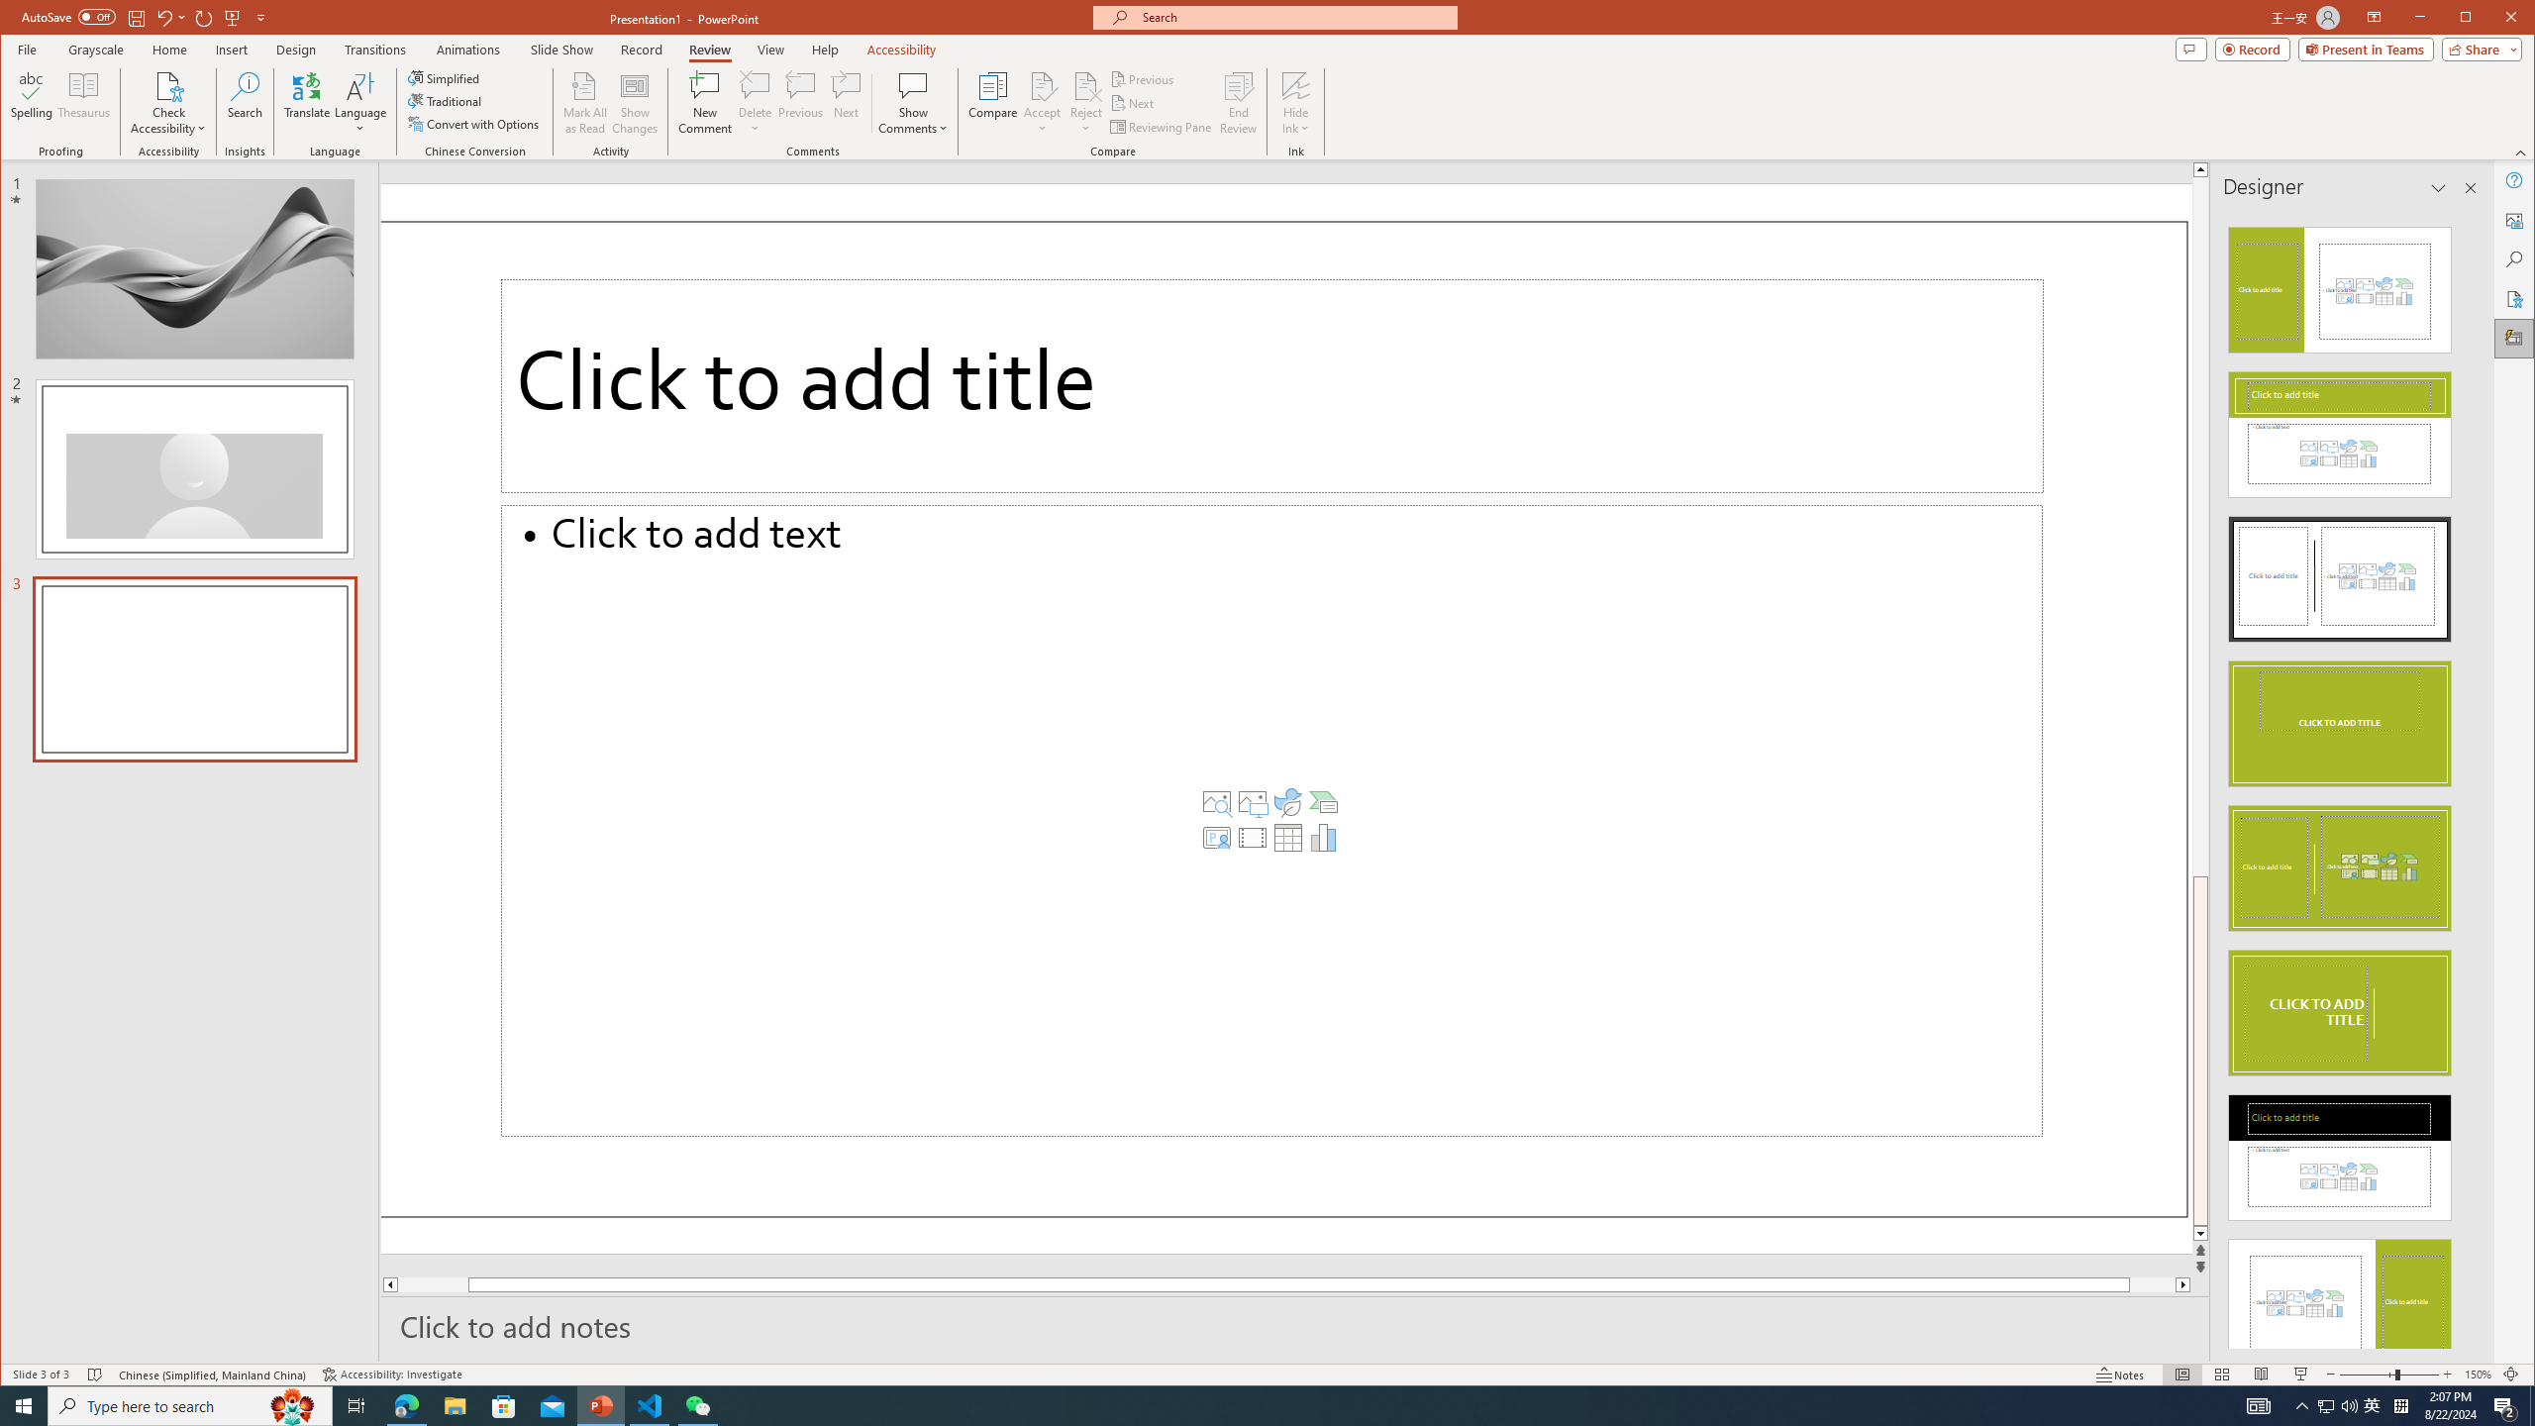 The width and height of the screenshot is (2535, 1426). I want to click on 'Insert Video', so click(1251, 838).